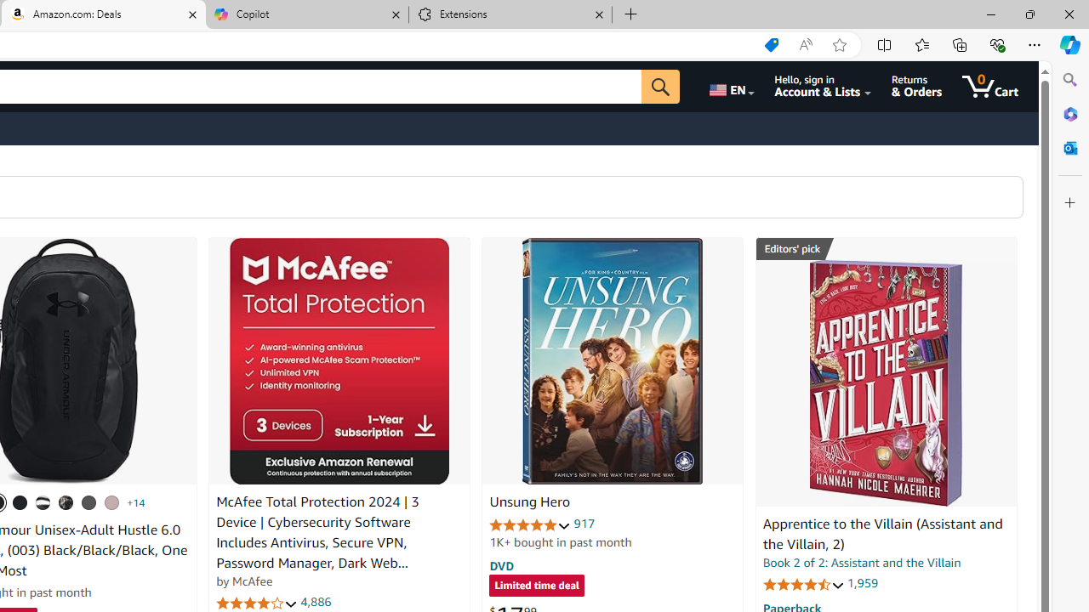  What do you see at coordinates (804, 44) in the screenshot?
I see `'Read aloud this page (Ctrl+Shift+U)'` at bounding box center [804, 44].